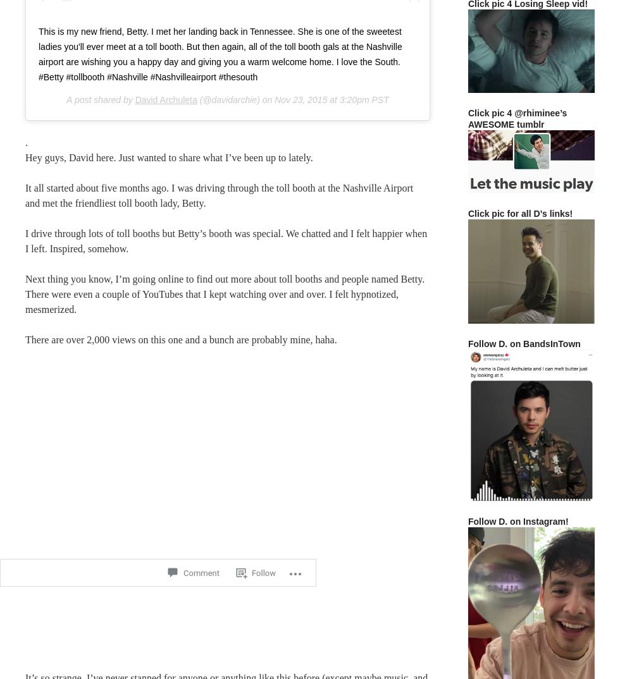  What do you see at coordinates (219, 195) in the screenshot?
I see `'It all started about five months ago. I was driving through the toll booth at the Nashville Airport and met the friendliest toll booth lady, Betty.'` at bounding box center [219, 195].